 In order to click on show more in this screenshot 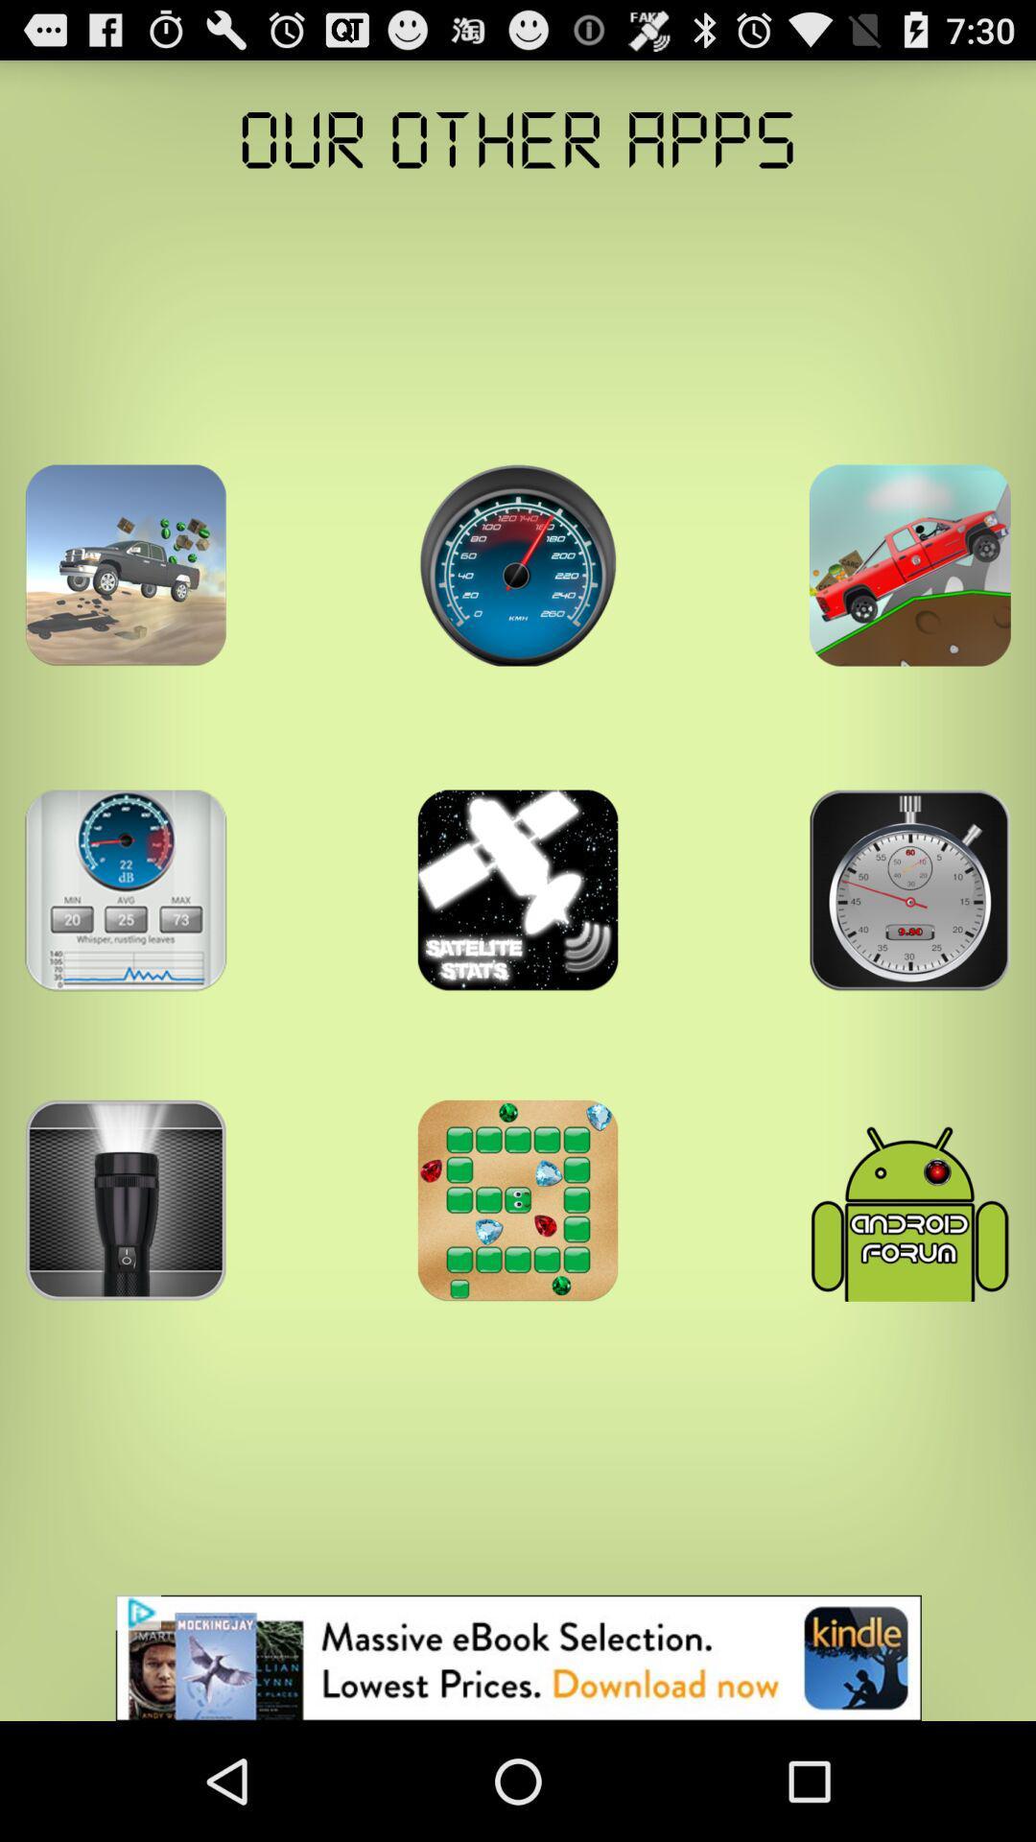, I will do `click(126, 889)`.